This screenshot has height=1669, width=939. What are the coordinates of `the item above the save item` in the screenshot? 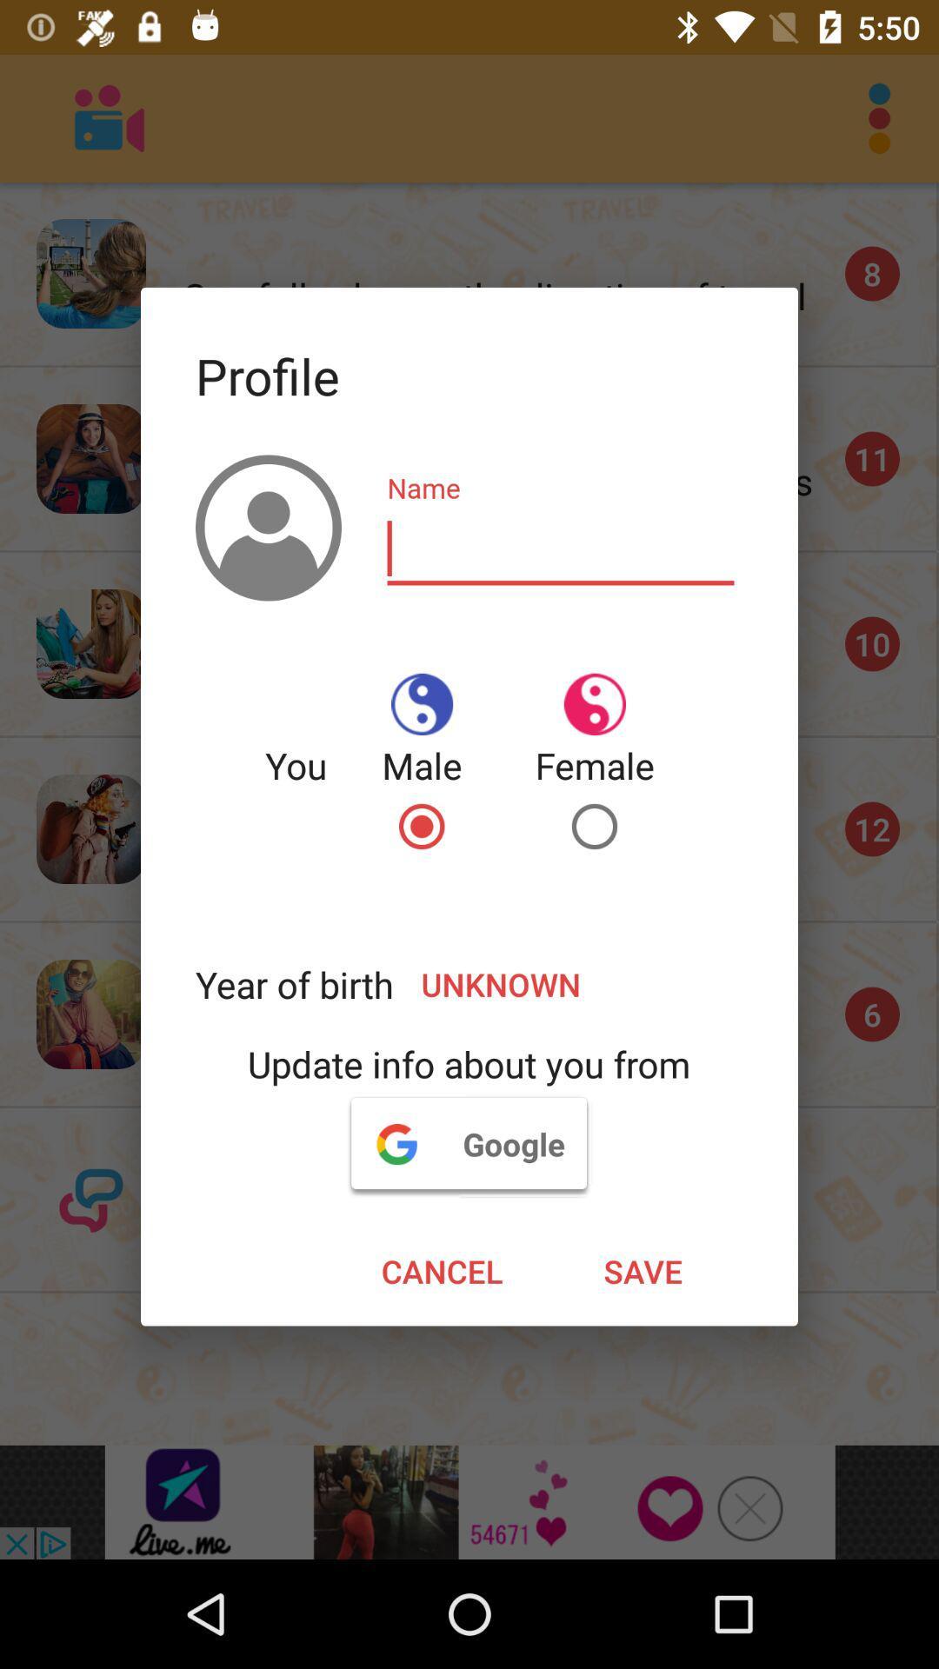 It's located at (468, 1143).